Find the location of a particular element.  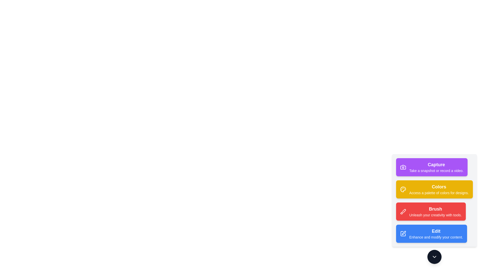

the tool button labeled Brush to view its hover effect is located at coordinates (431, 212).